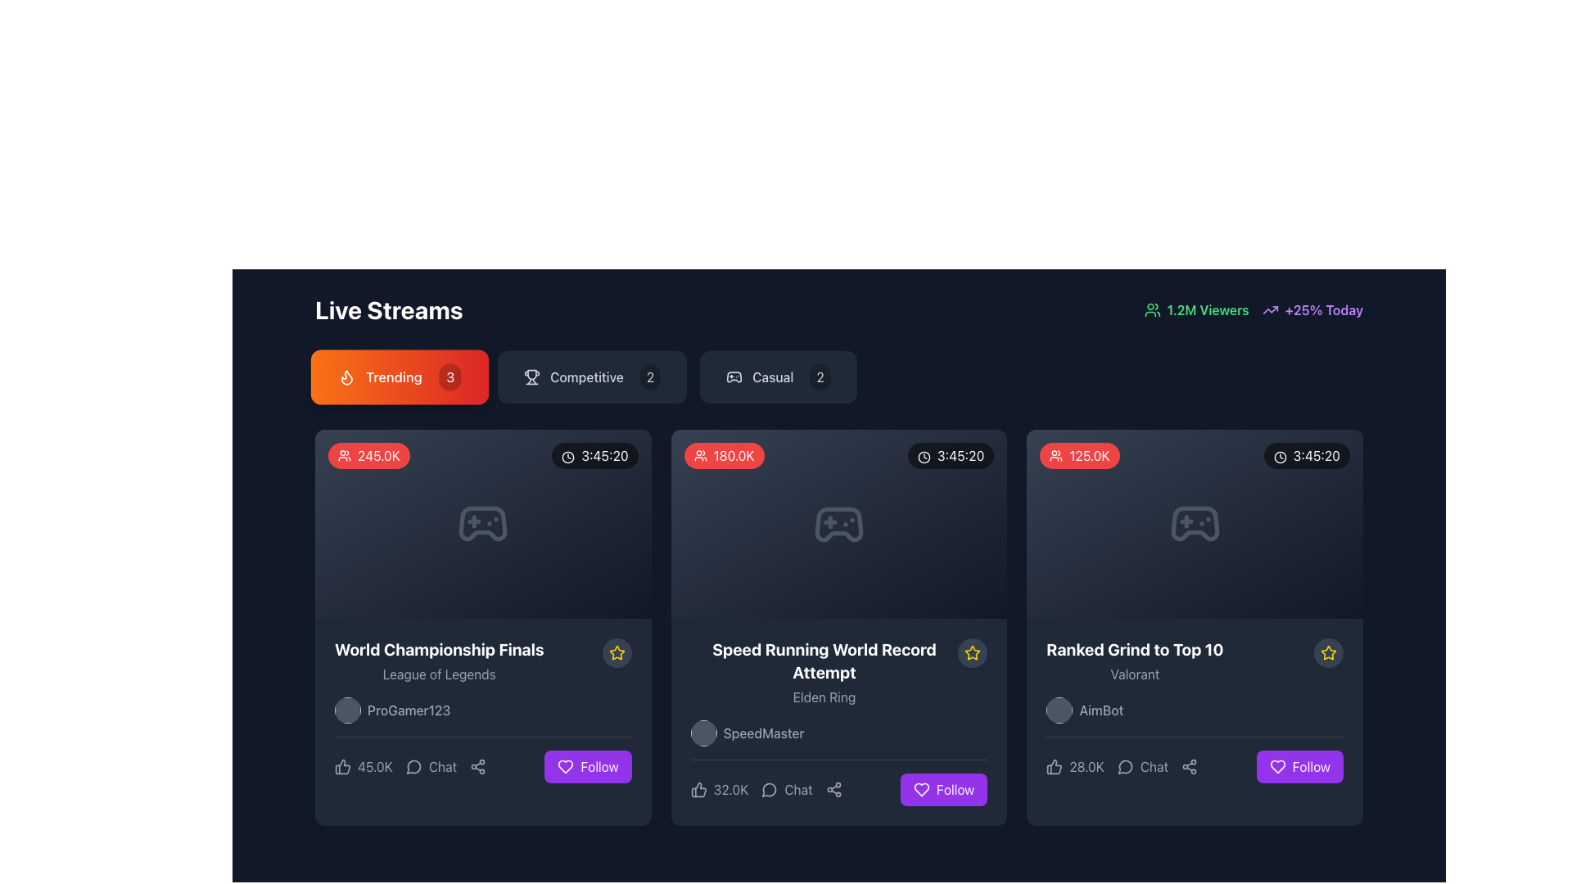 This screenshot has width=1572, height=884. What do you see at coordinates (400, 377) in the screenshot?
I see `the 'Trending' button located under the 'Live Streams' header` at bounding box center [400, 377].